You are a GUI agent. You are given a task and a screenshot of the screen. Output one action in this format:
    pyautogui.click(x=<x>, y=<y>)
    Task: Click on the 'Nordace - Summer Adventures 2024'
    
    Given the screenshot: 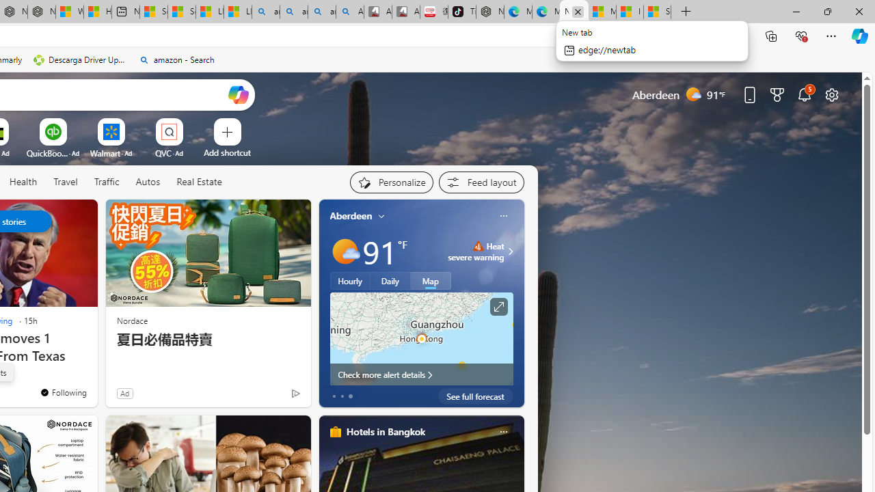 What is the action you would take?
    pyautogui.click(x=41, y=12)
    